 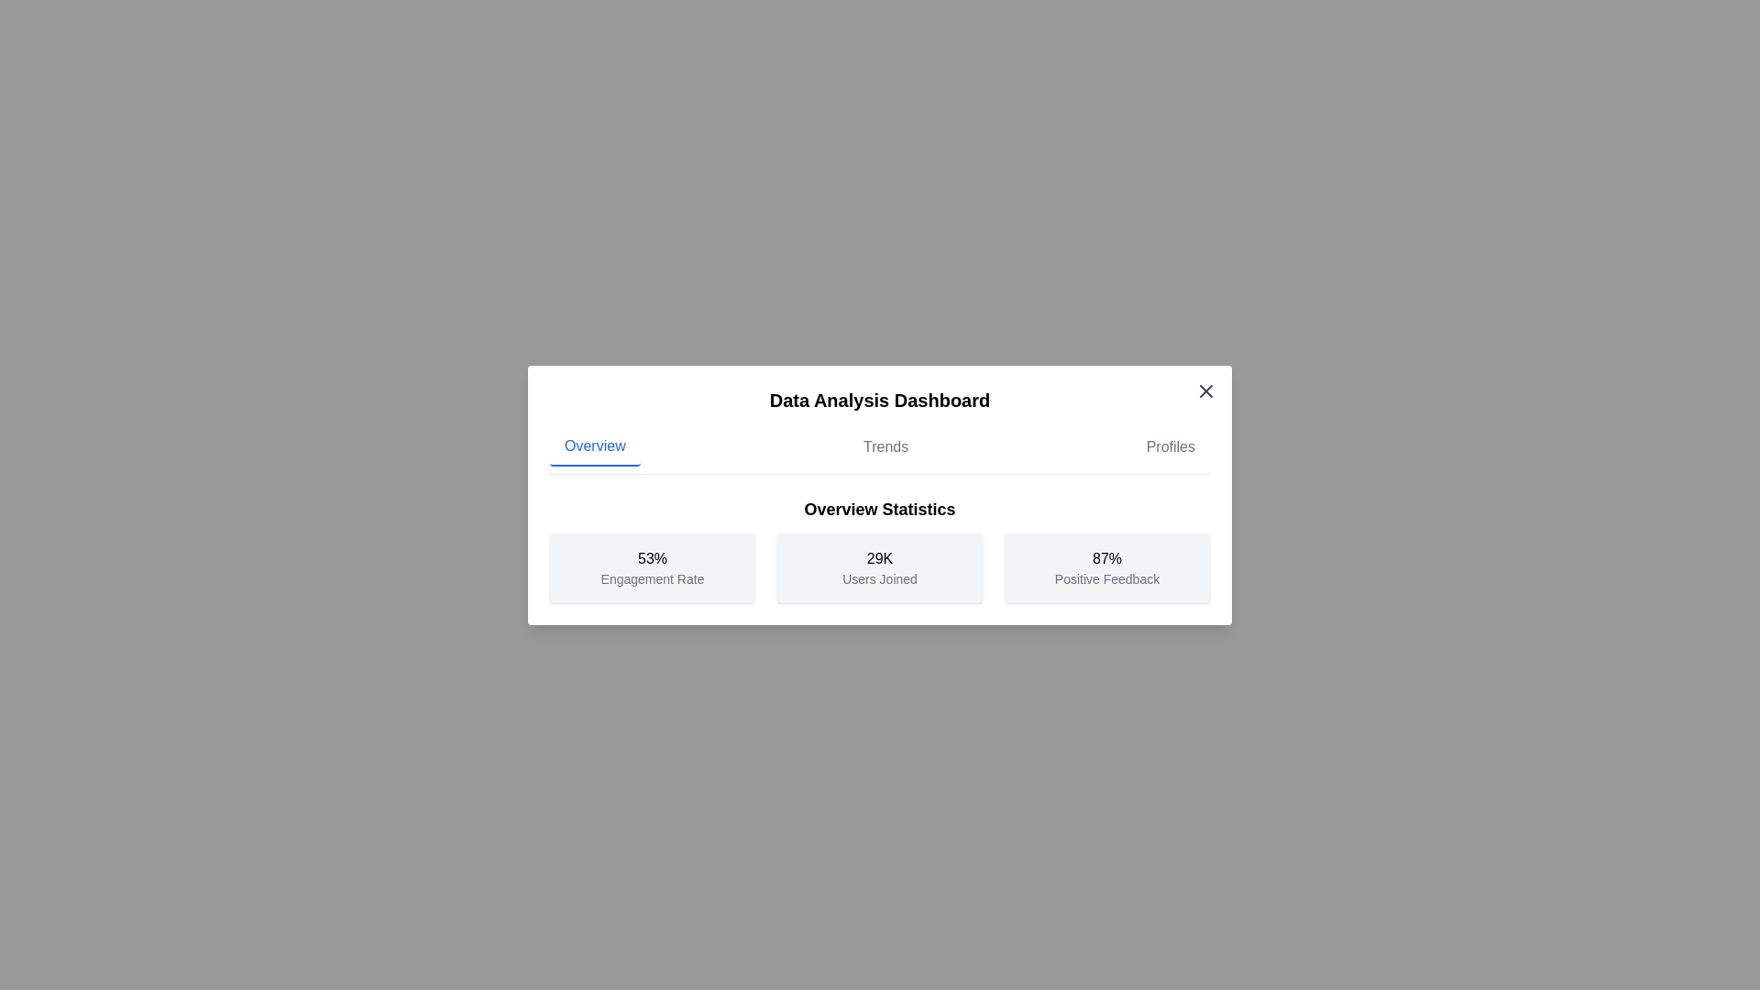 What do you see at coordinates (1106, 566) in the screenshot?
I see `the data display card that represents positive feedback, located in the third column of the dashboard layout` at bounding box center [1106, 566].